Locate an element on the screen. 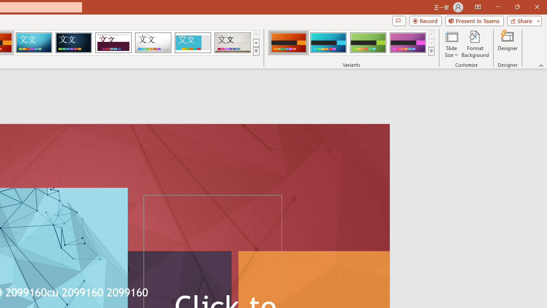  'Circuit' is located at coordinates (34, 43).